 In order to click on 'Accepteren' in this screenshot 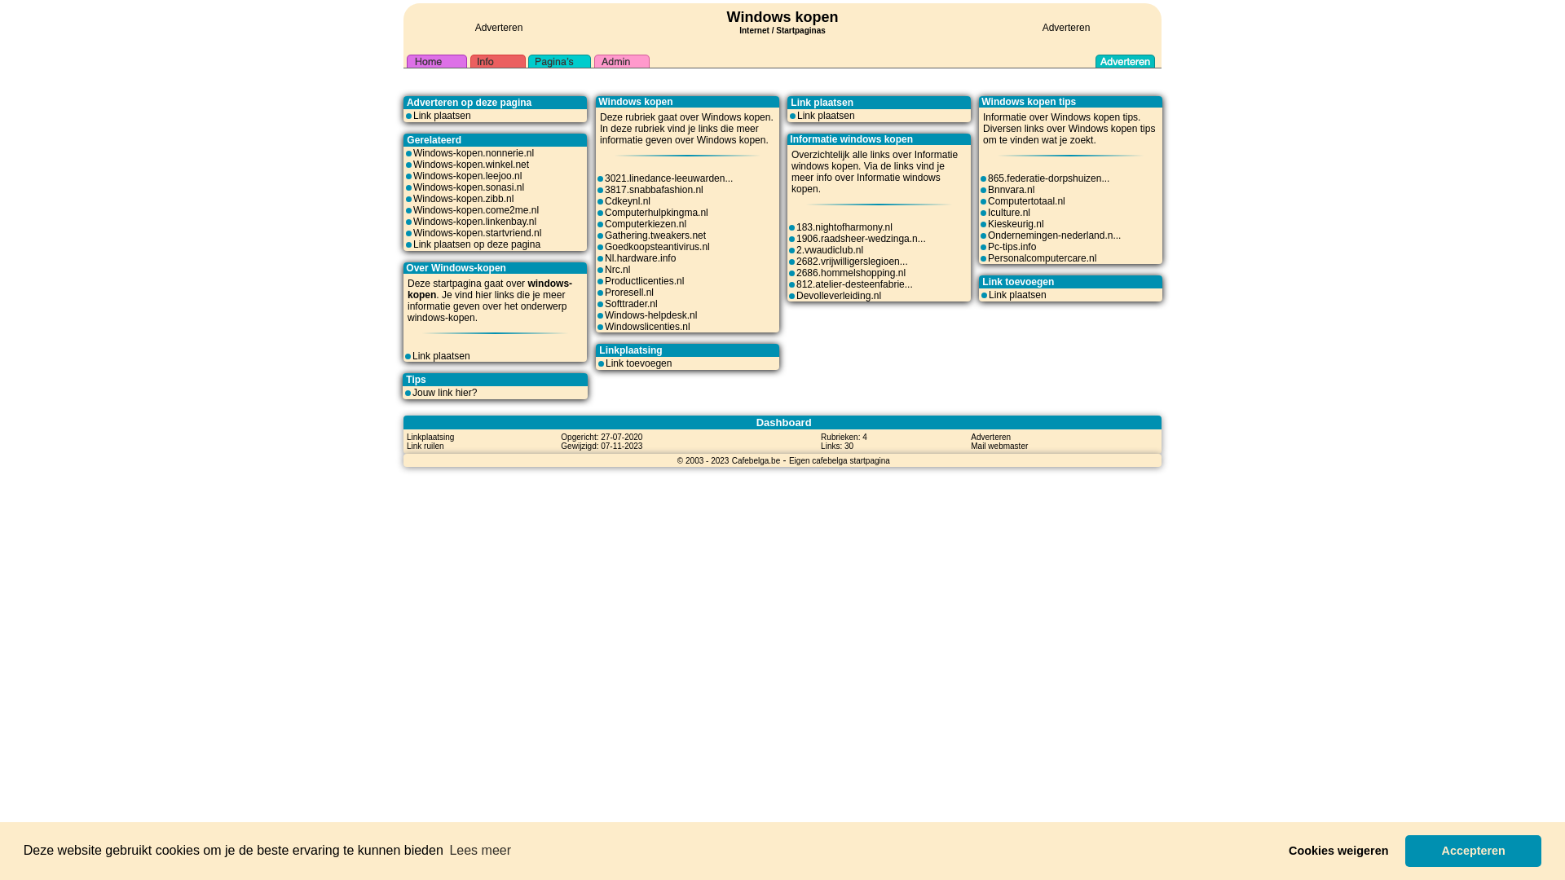, I will do `click(1404, 850)`.